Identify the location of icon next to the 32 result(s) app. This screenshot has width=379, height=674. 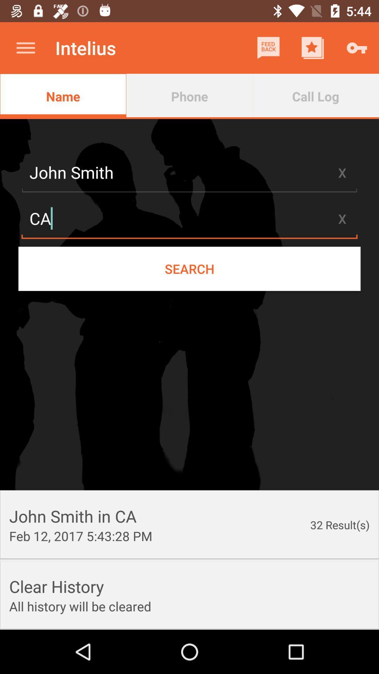
(80, 535).